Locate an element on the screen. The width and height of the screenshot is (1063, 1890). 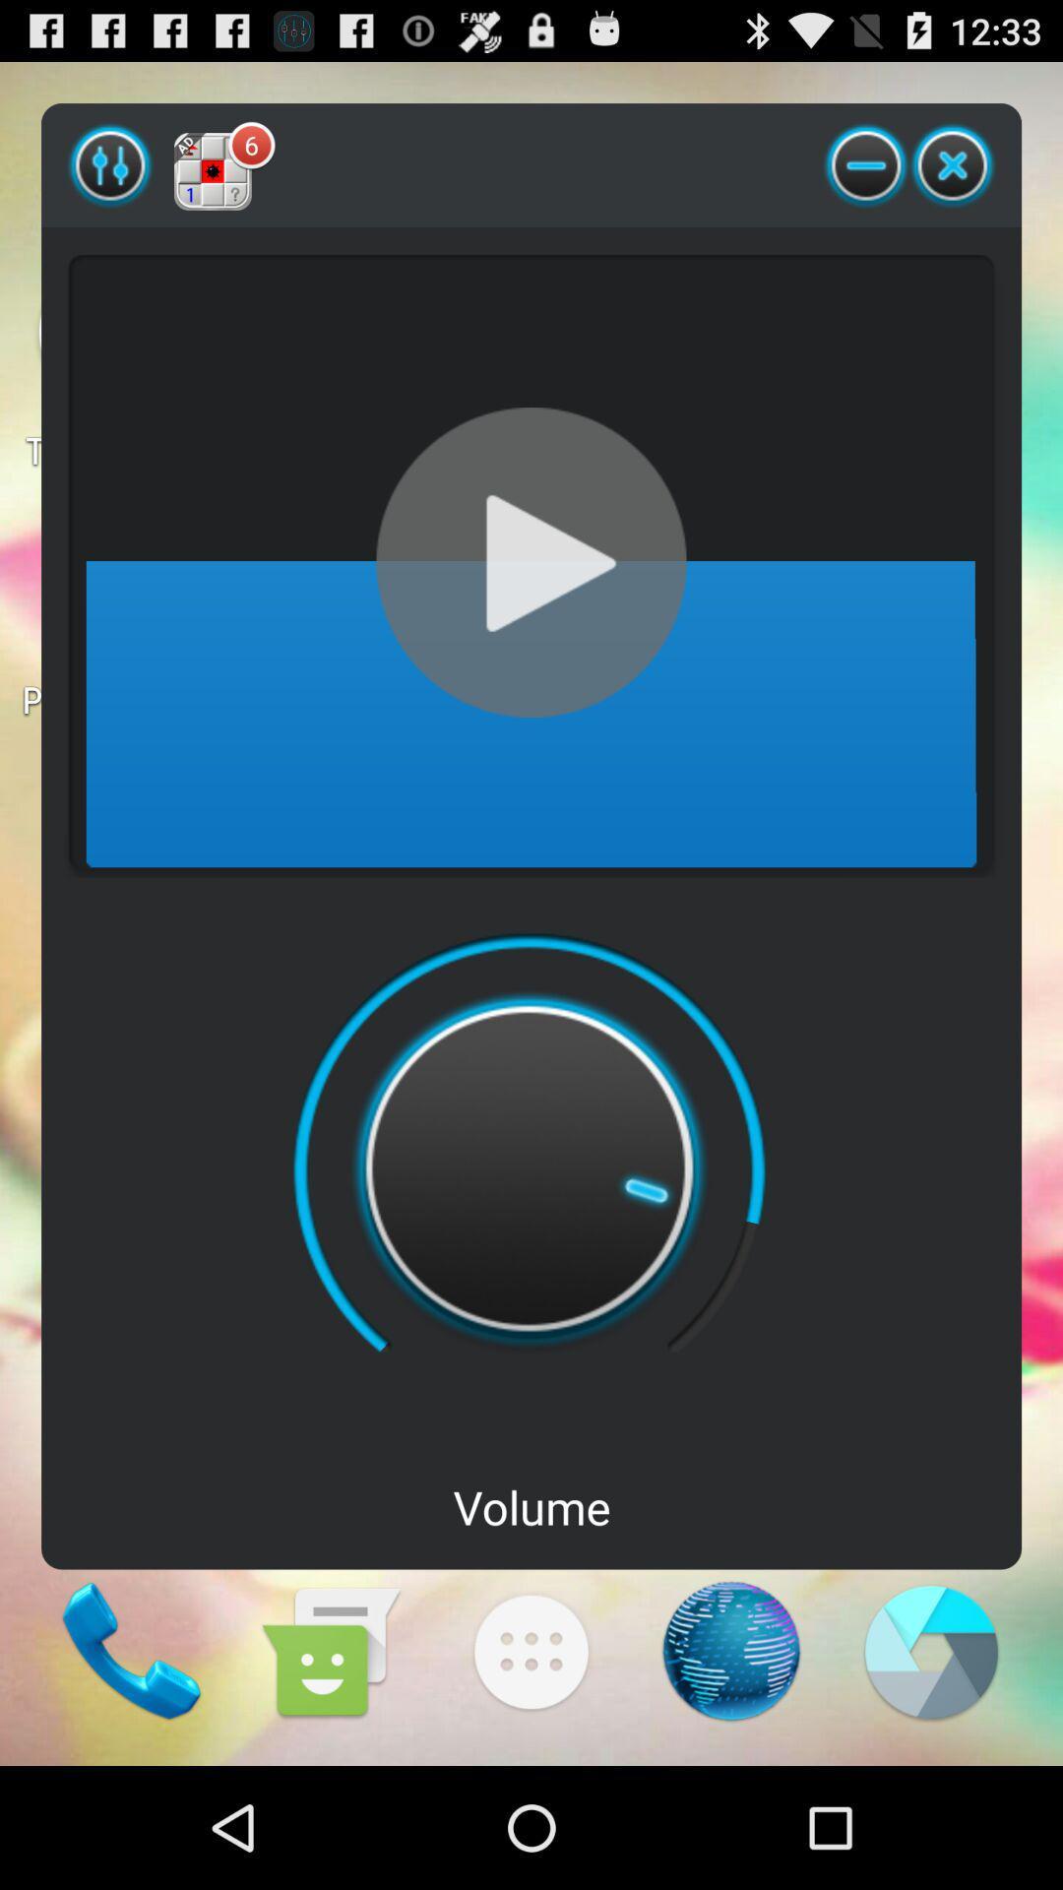
the item next to the 6 is located at coordinates (865, 165).